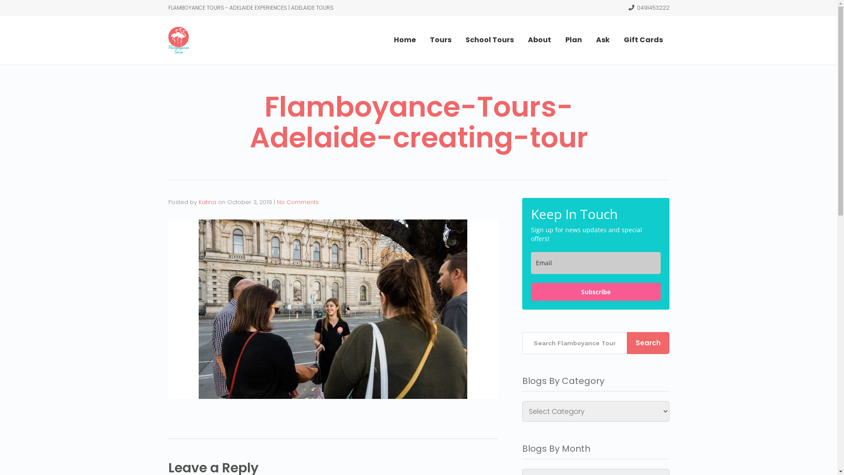 This screenshot has height=475, width=844. What do you see at coordinates (643, 40) in the screenshot?
I see `'Gift Cards'` at bounding box center [643, 40].